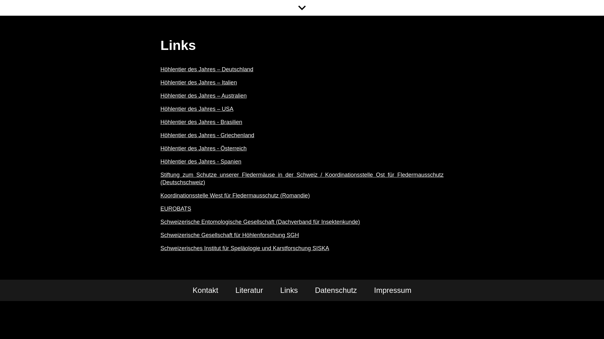 The height and width of the screenshot is (339, 604). Describe the element at coordinates (335, 290) in the screenshot. I see `'Datenschutz'` at that location.